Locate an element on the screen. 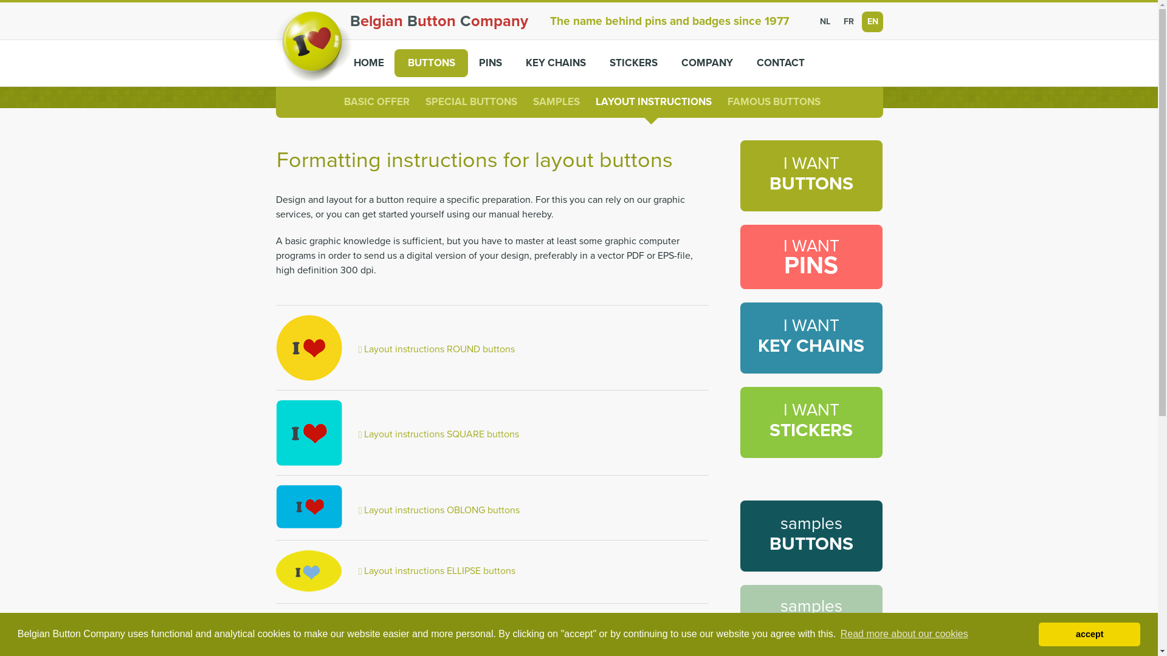 The image size is (1167, 656). 'LAYOUT INSTRUCTIONS' is located at coordinates (595, 101).